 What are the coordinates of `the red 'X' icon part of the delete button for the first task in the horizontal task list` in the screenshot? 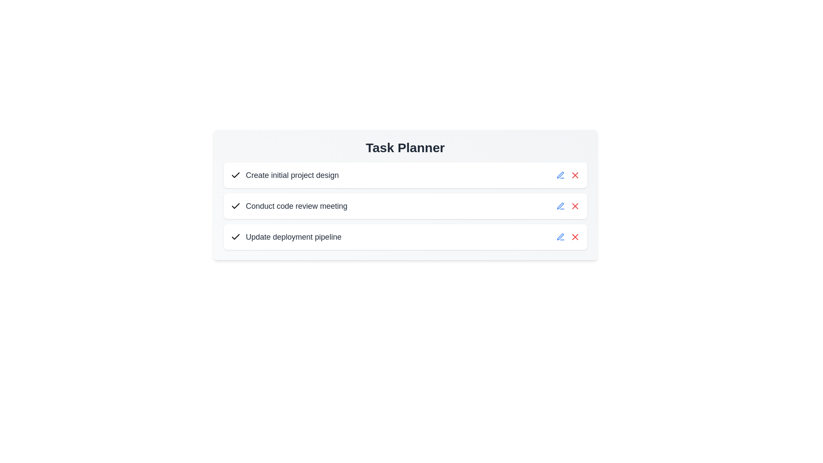 It's located at (575, 174).